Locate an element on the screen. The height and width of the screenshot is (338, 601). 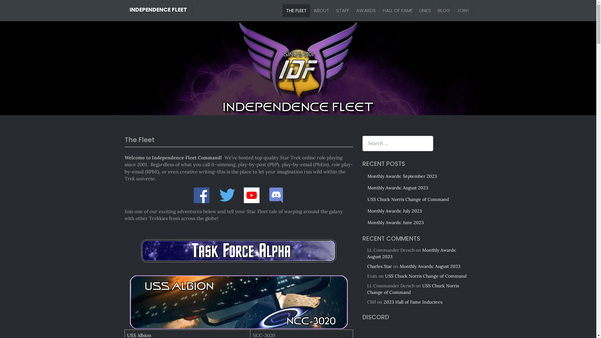
'LINKS' is located at coordinates (416, 11).